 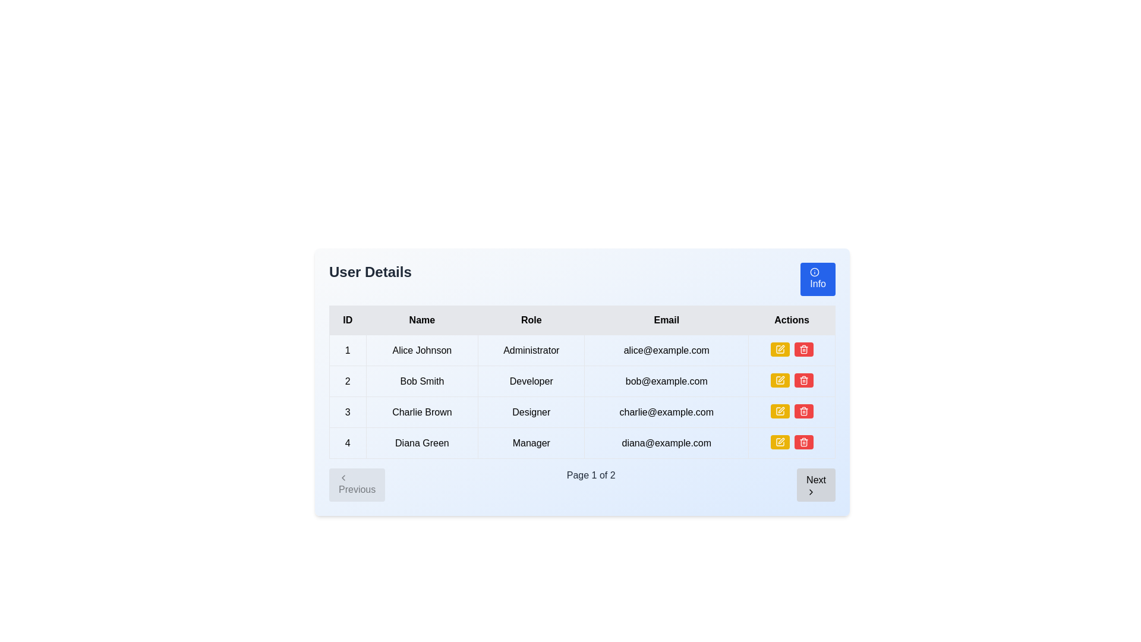 What do you see at coordinates (780, 442) in the screenshot?
I see `the edit button located in the 'Actions' column of the fourth row of the table to initiate the edit action for the user` at bounding box center [780, 442].